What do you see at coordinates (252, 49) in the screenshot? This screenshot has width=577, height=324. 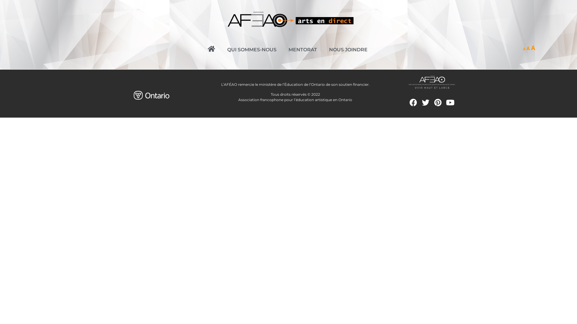 I see `'QUI SOMMES-NOUS'` at bounding box center [252, 49].